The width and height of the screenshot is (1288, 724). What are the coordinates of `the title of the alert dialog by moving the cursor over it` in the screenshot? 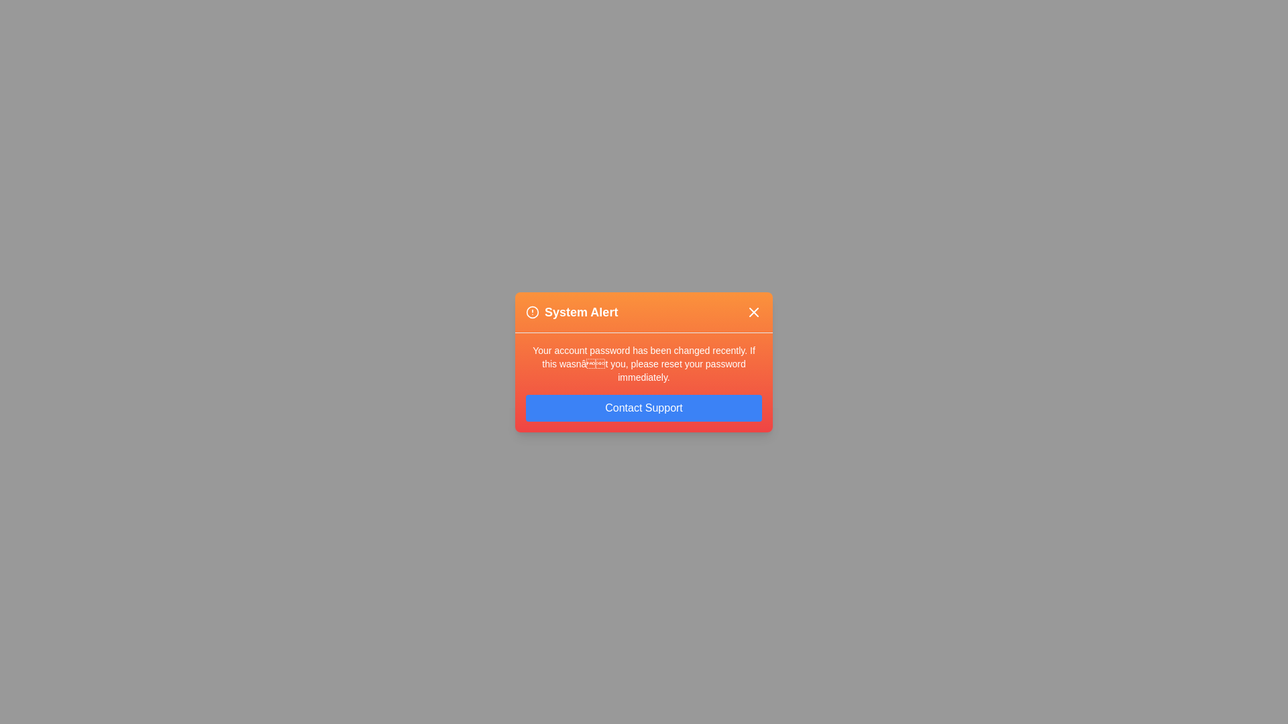 It's located at (644, 312).